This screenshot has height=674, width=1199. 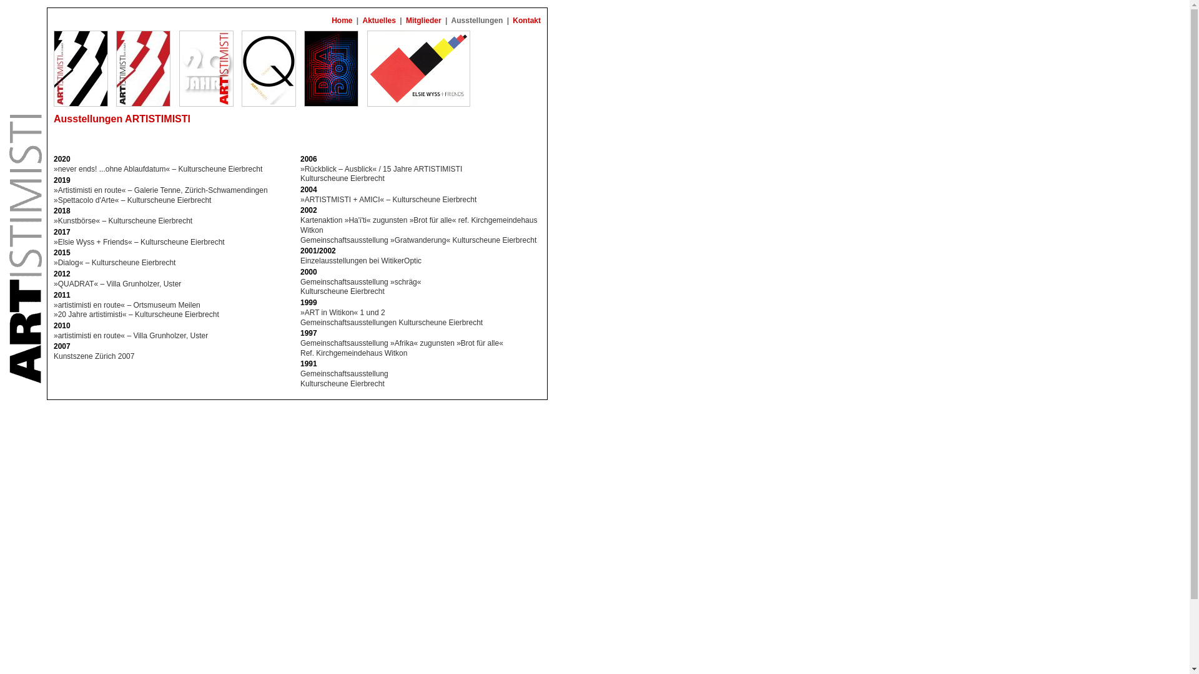 What do you see at coordinates (526, 21) in the screenshot?
I see `'Kontakt'` at bounding box center [526, 21].